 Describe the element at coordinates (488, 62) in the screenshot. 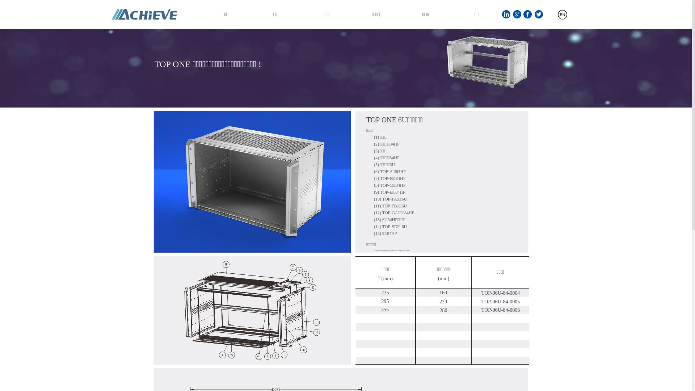

I see `'1'` at that location.